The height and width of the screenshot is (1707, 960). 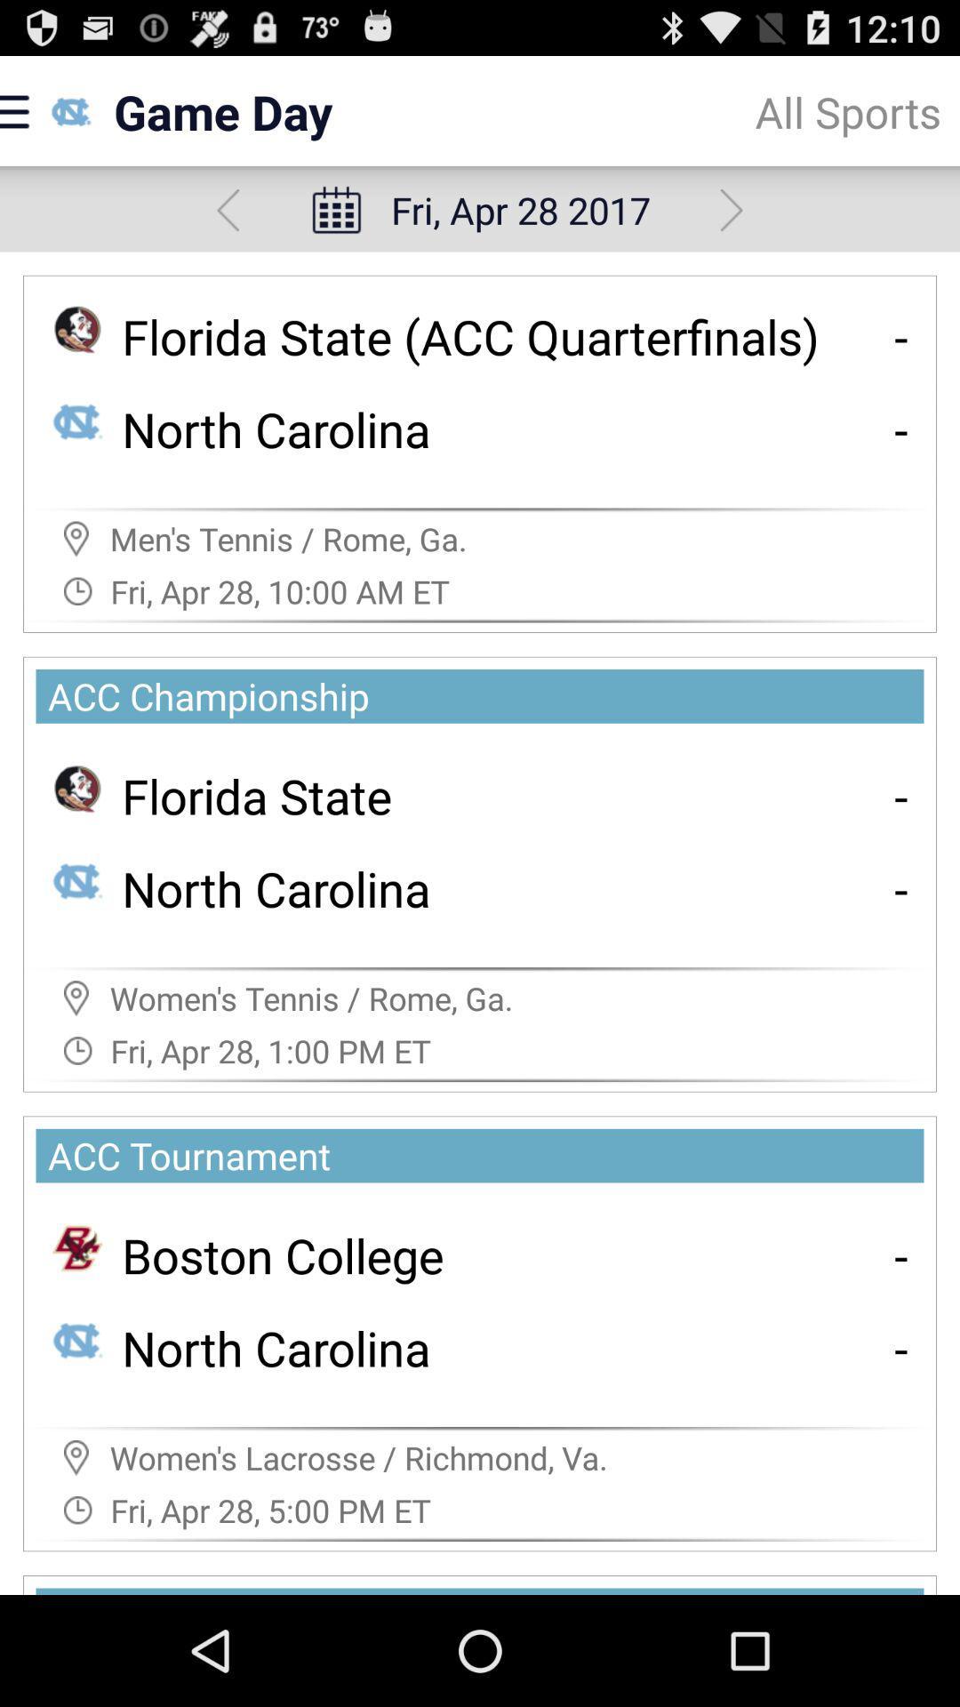 What do you see at coordinates (485, 1155) in the screenshot?
I see `acc tournament icon` at bounding box center [485, 1155].